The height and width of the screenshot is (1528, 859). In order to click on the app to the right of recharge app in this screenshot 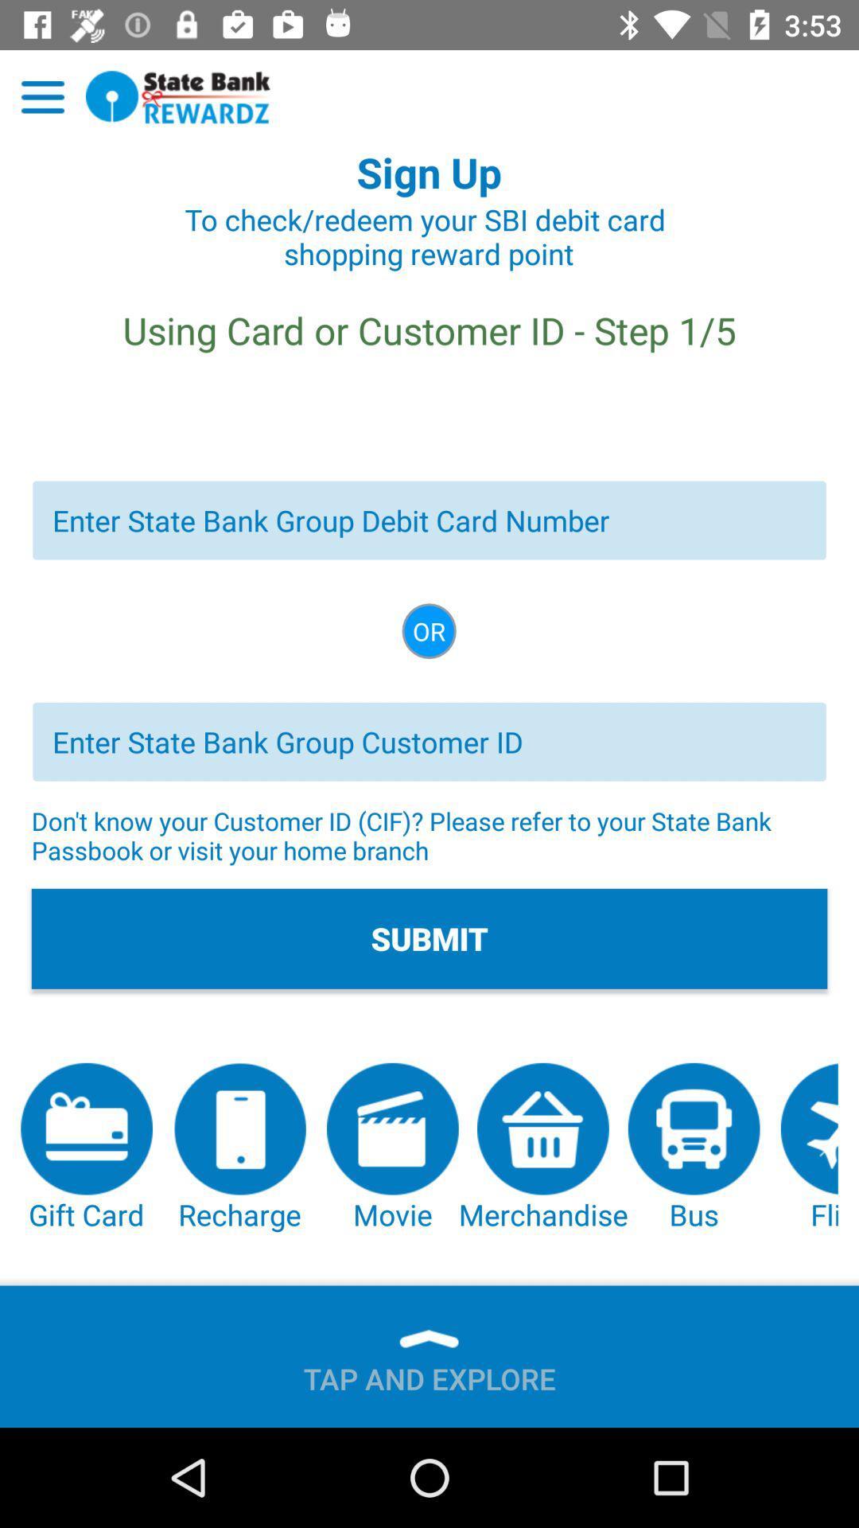, I will do `click(392, 1148)`.